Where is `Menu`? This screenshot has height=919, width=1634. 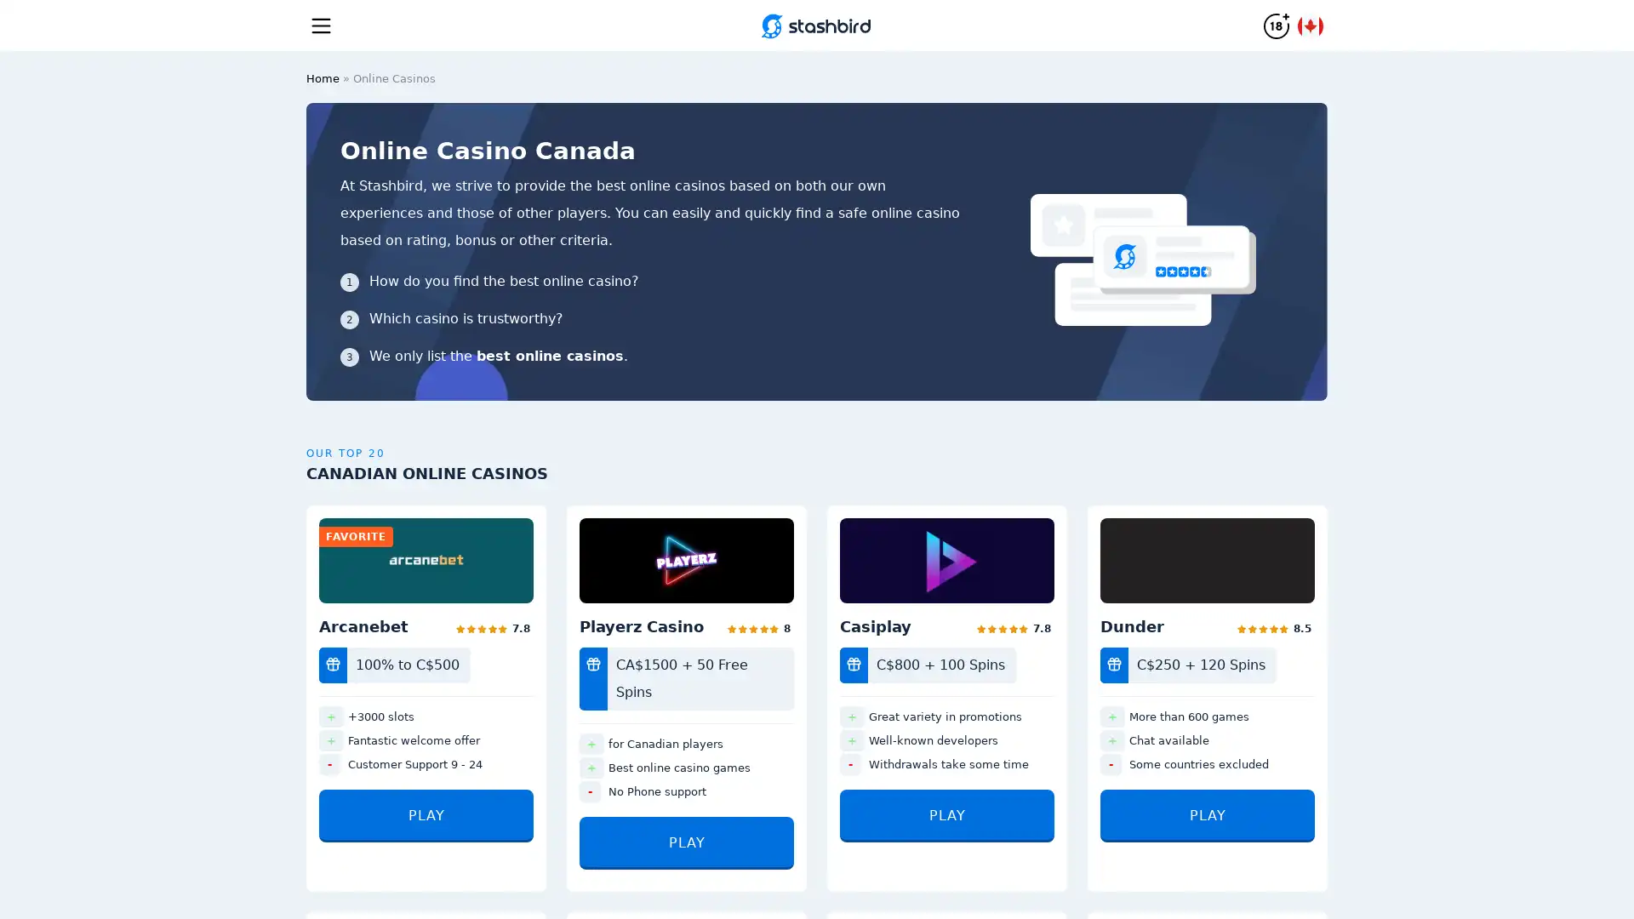
Menu is located at coordinates (321, 25).